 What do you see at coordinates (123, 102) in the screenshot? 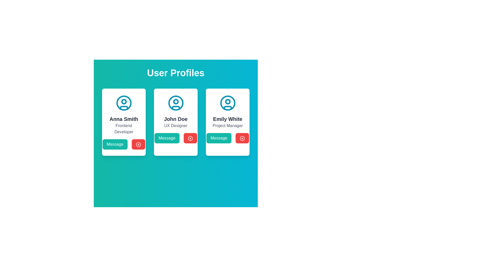
I see `the decorative circle element within the avatar graphic of the user profile card labeled 'Anna Smith', which is located at the top center of the avatar` at bounding box center [123, 102].